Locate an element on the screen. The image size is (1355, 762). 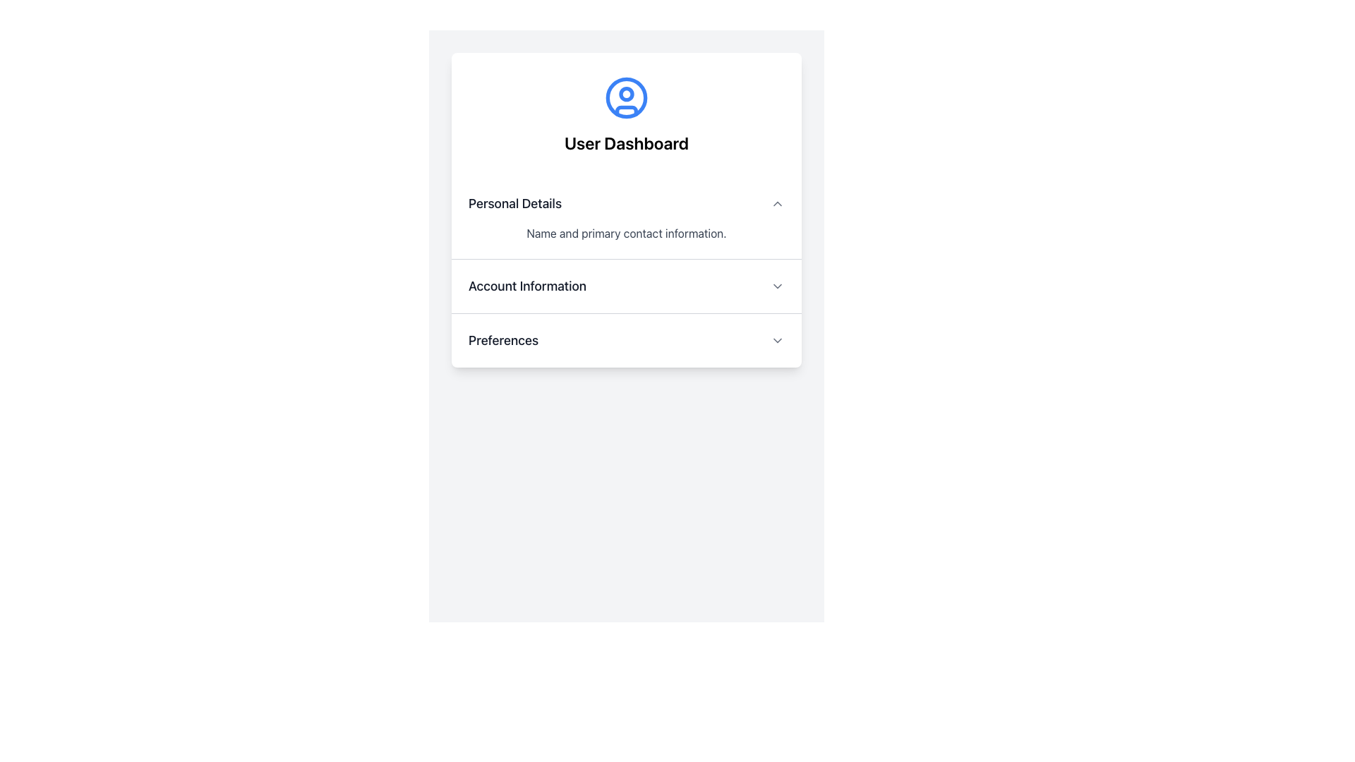
the user avatar icon, which is a vibrant blue circular outline containing a head and shoulders, positioned above the 'User Dashboard' text is located at coordinates (626, 97).